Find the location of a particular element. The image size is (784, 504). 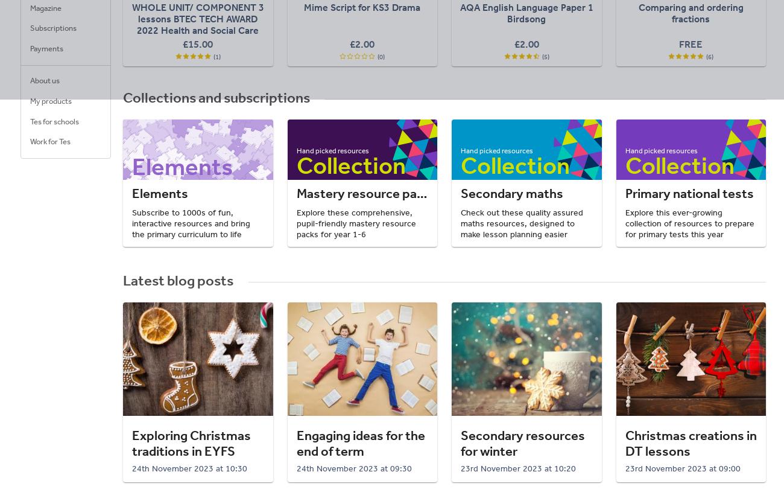

'Subscriptions' is located at coordinates (53, 28).